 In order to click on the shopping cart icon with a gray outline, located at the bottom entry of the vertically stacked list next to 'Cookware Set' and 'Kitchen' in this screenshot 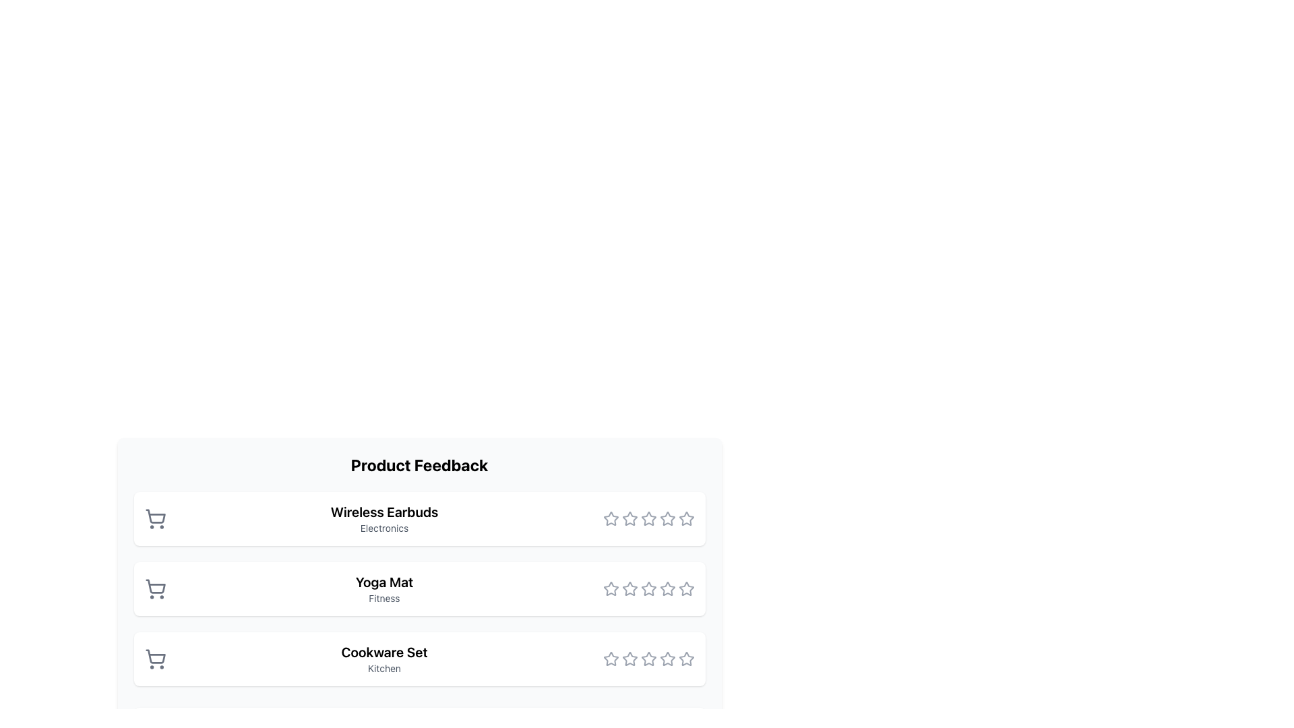, I will do `click(155, 659)`.